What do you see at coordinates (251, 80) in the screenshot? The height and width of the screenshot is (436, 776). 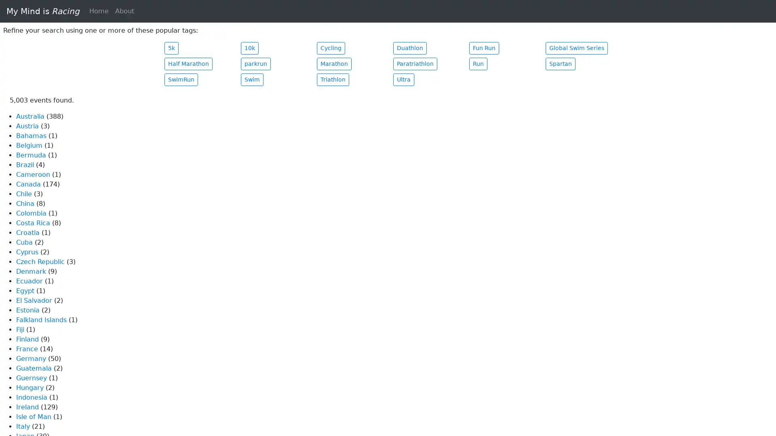 I see `Swim` at bounding box center [251, 80].